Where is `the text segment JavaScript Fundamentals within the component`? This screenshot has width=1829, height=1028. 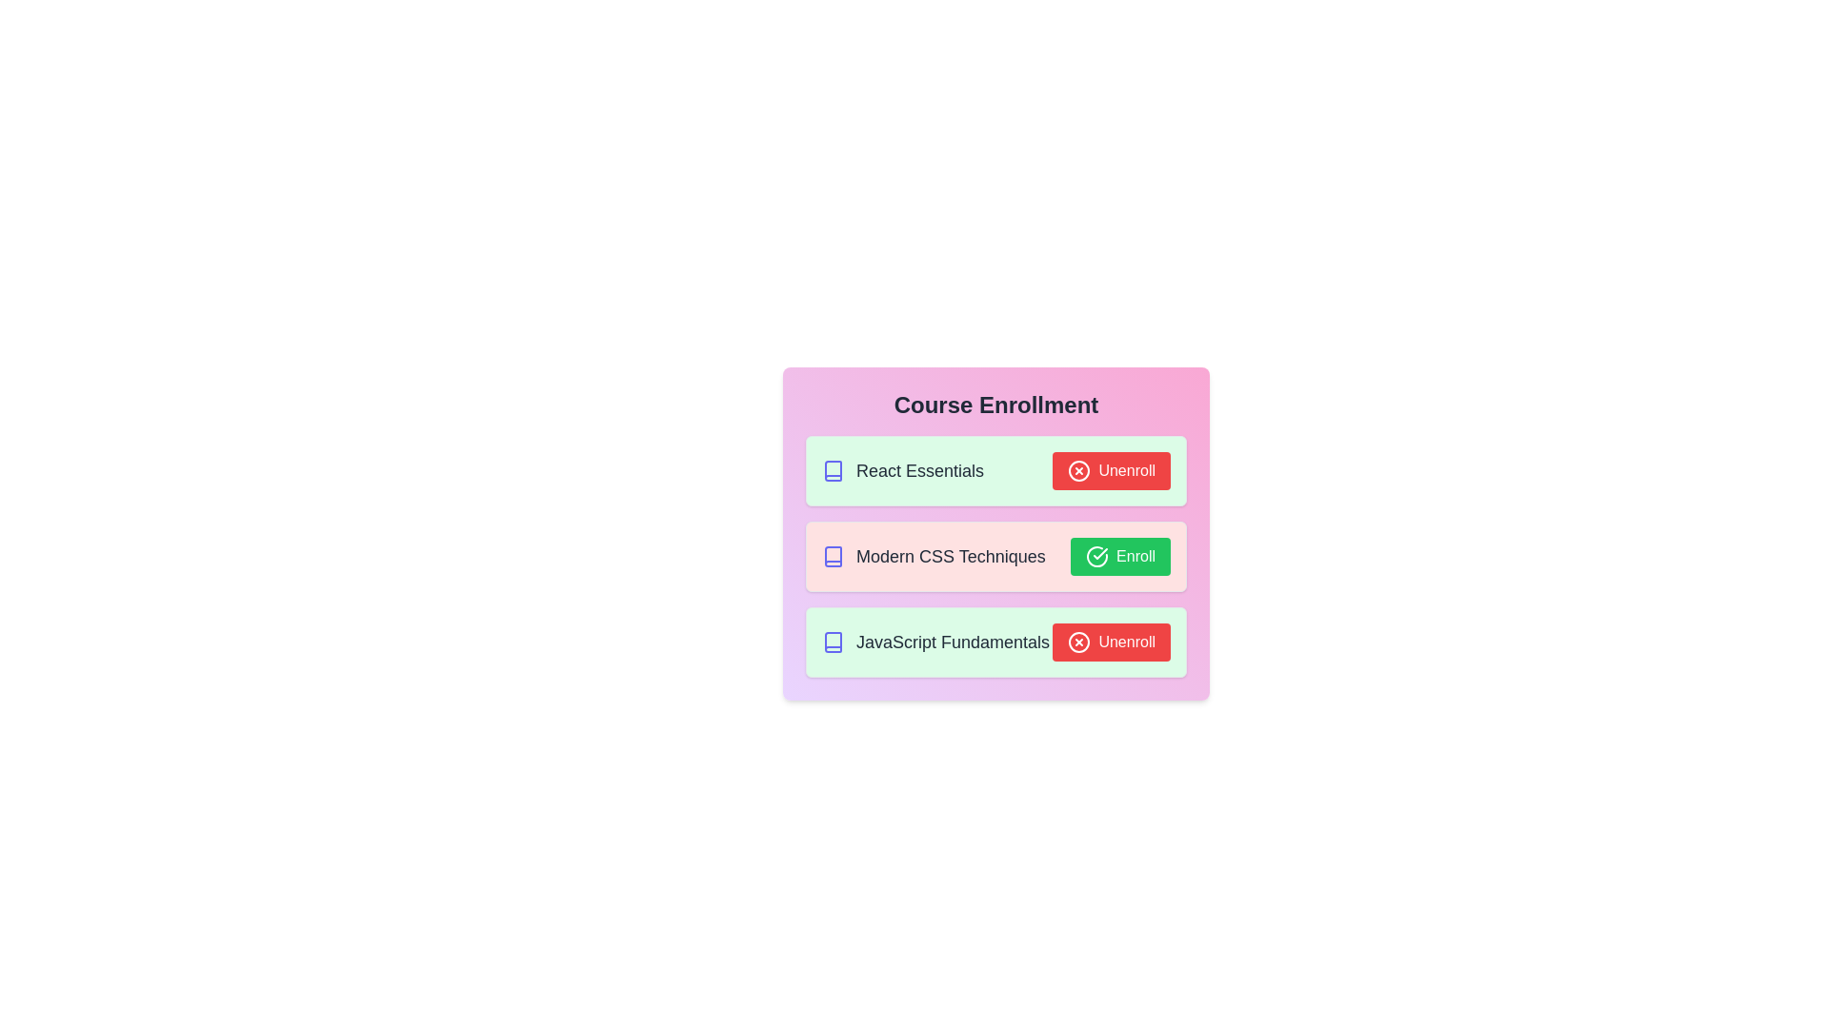
the text segment JavaScript Fundamentals within the component is located at coordinates (935, 642).